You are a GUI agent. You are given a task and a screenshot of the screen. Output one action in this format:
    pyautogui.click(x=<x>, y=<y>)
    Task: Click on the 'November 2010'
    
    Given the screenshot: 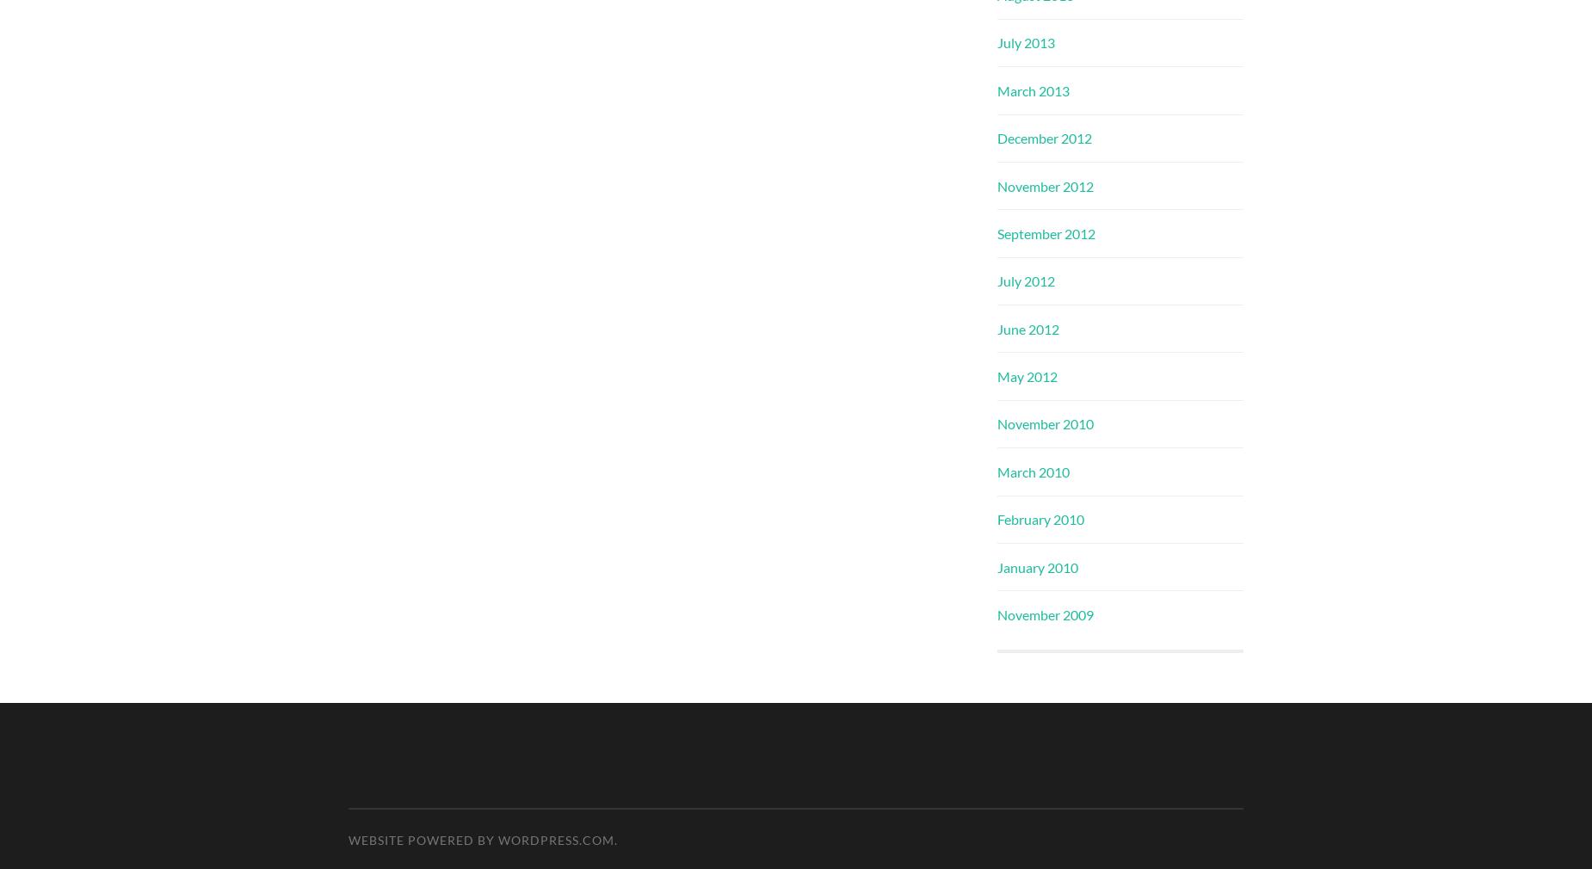 What is the action you would take?
    pyautogui.click(x=1045, y=423)
    